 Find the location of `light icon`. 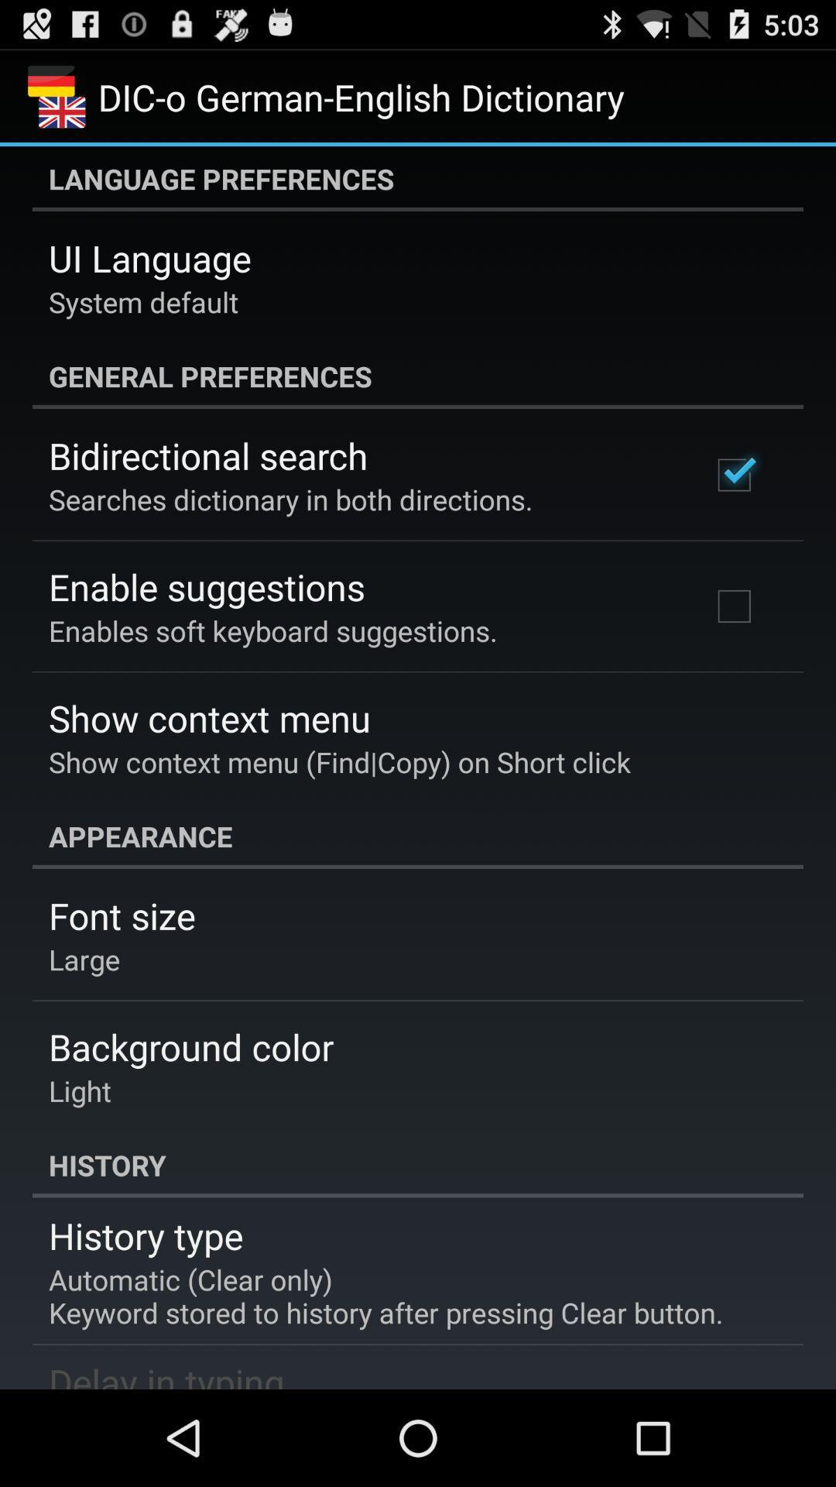

light icon is located at coordinates (80, 1090).